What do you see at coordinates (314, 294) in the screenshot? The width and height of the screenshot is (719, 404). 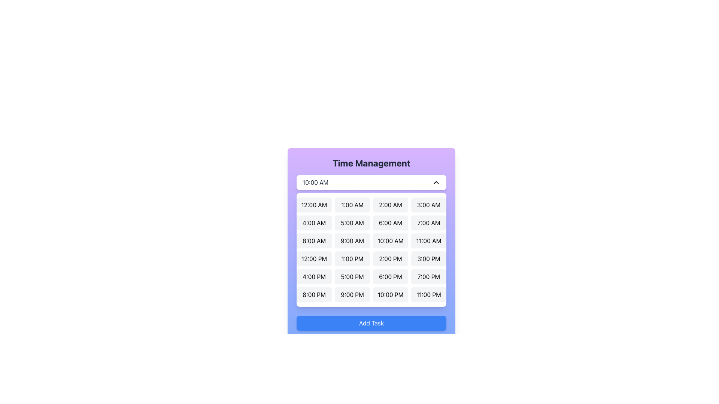 I see `the button for the '8:00 PM' time slot, which is located in the bottom row of a grid layout and is the first column element` at bounding box center [314, 294].